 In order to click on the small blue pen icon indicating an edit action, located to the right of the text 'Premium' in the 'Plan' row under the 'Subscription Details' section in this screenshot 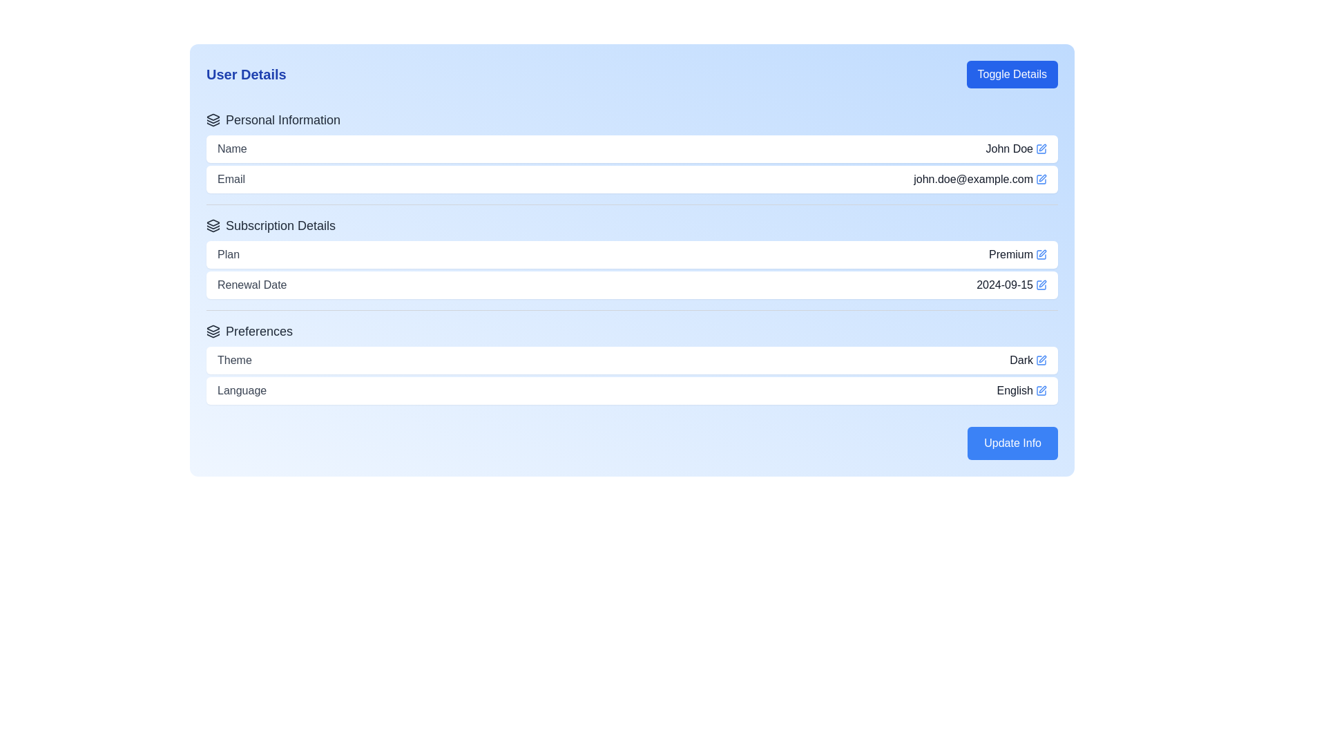, I will do `click(1041, 255)`.